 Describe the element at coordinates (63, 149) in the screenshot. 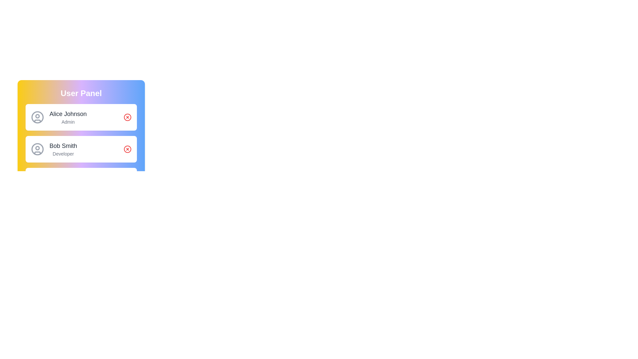

I see `the text block containing 'Bob Smith' and 'Developer', which is located within a white rounded rectangle card, positioned below another card with 'Alice Johnson Admin'` at that location.